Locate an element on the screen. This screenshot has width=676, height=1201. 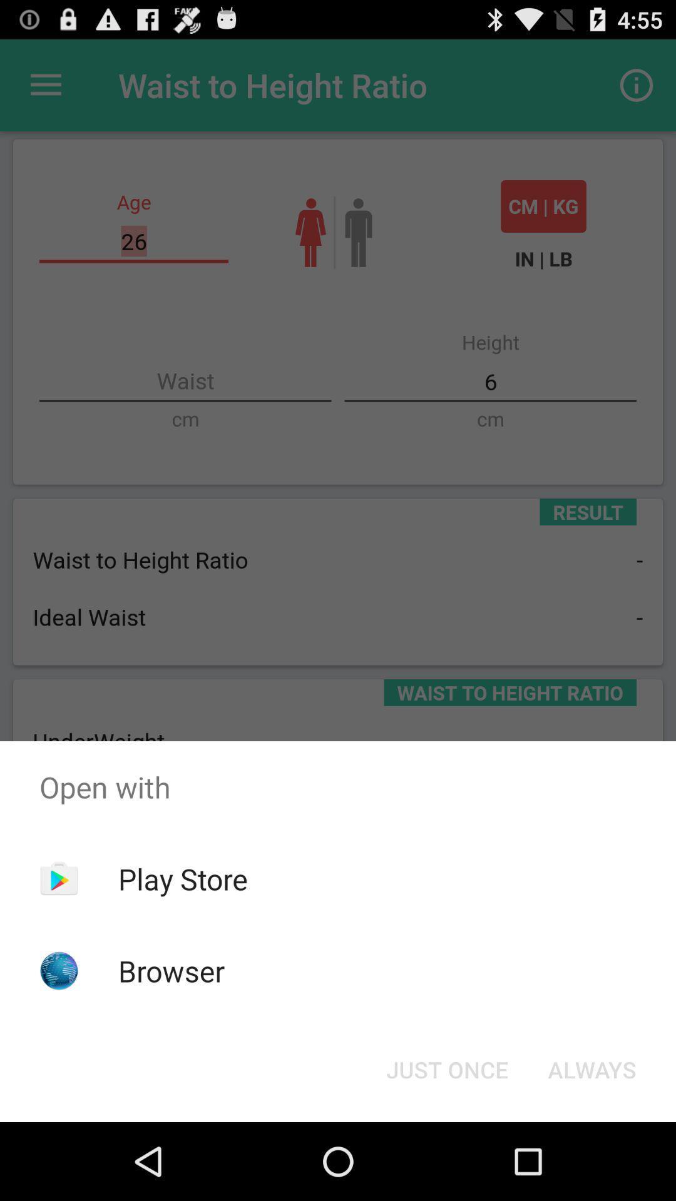
the item below the play store app is located at coordinates (172, 970).